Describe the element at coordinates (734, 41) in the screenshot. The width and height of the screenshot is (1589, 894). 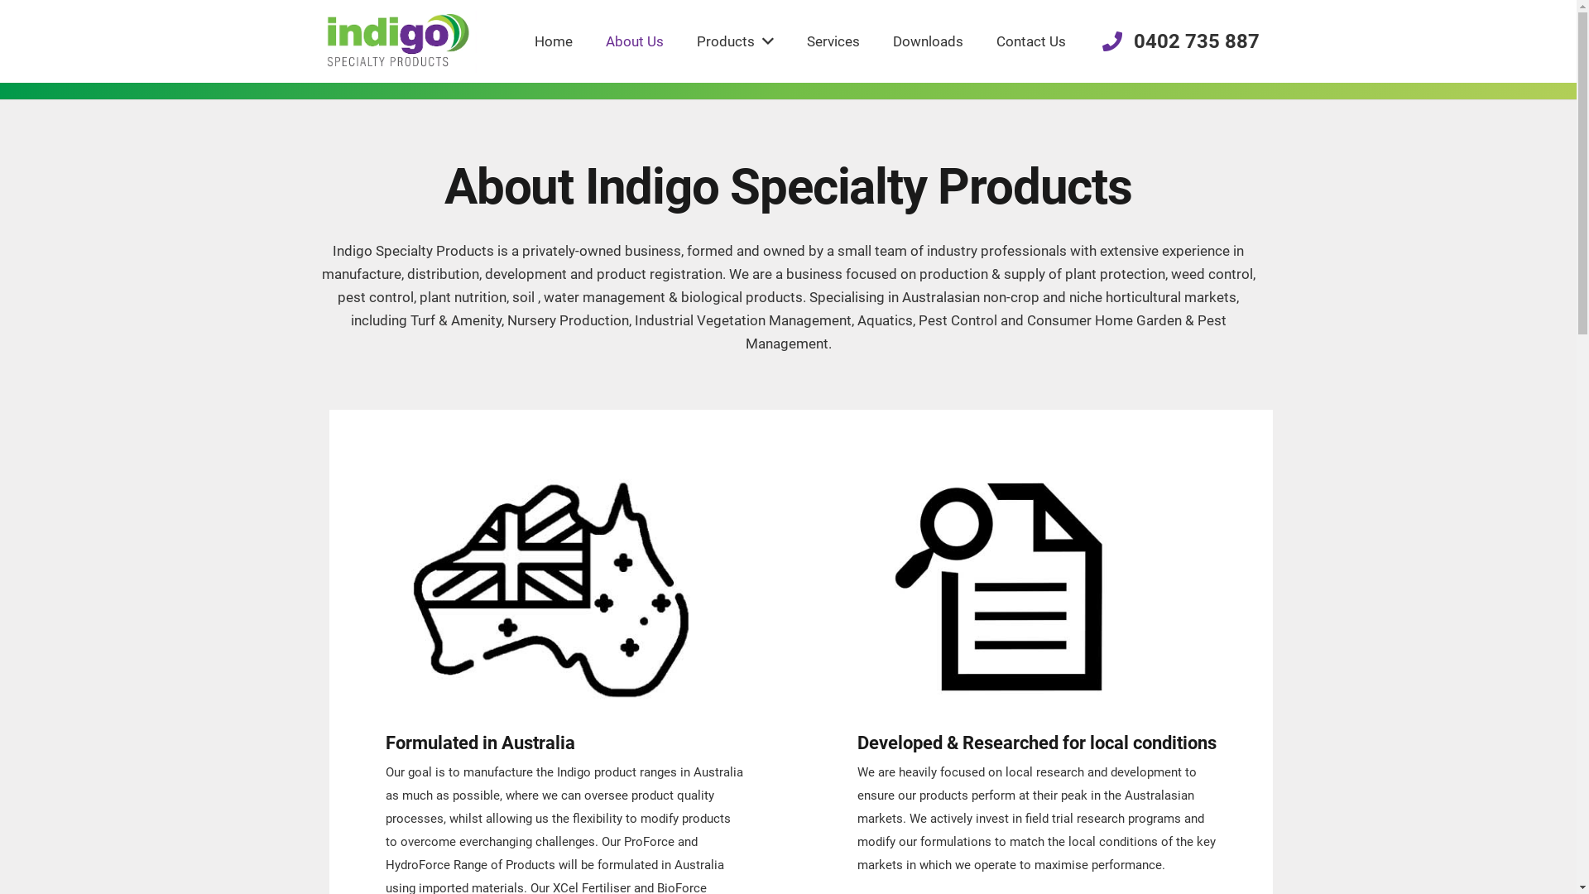
I see `'Products'` at that location.